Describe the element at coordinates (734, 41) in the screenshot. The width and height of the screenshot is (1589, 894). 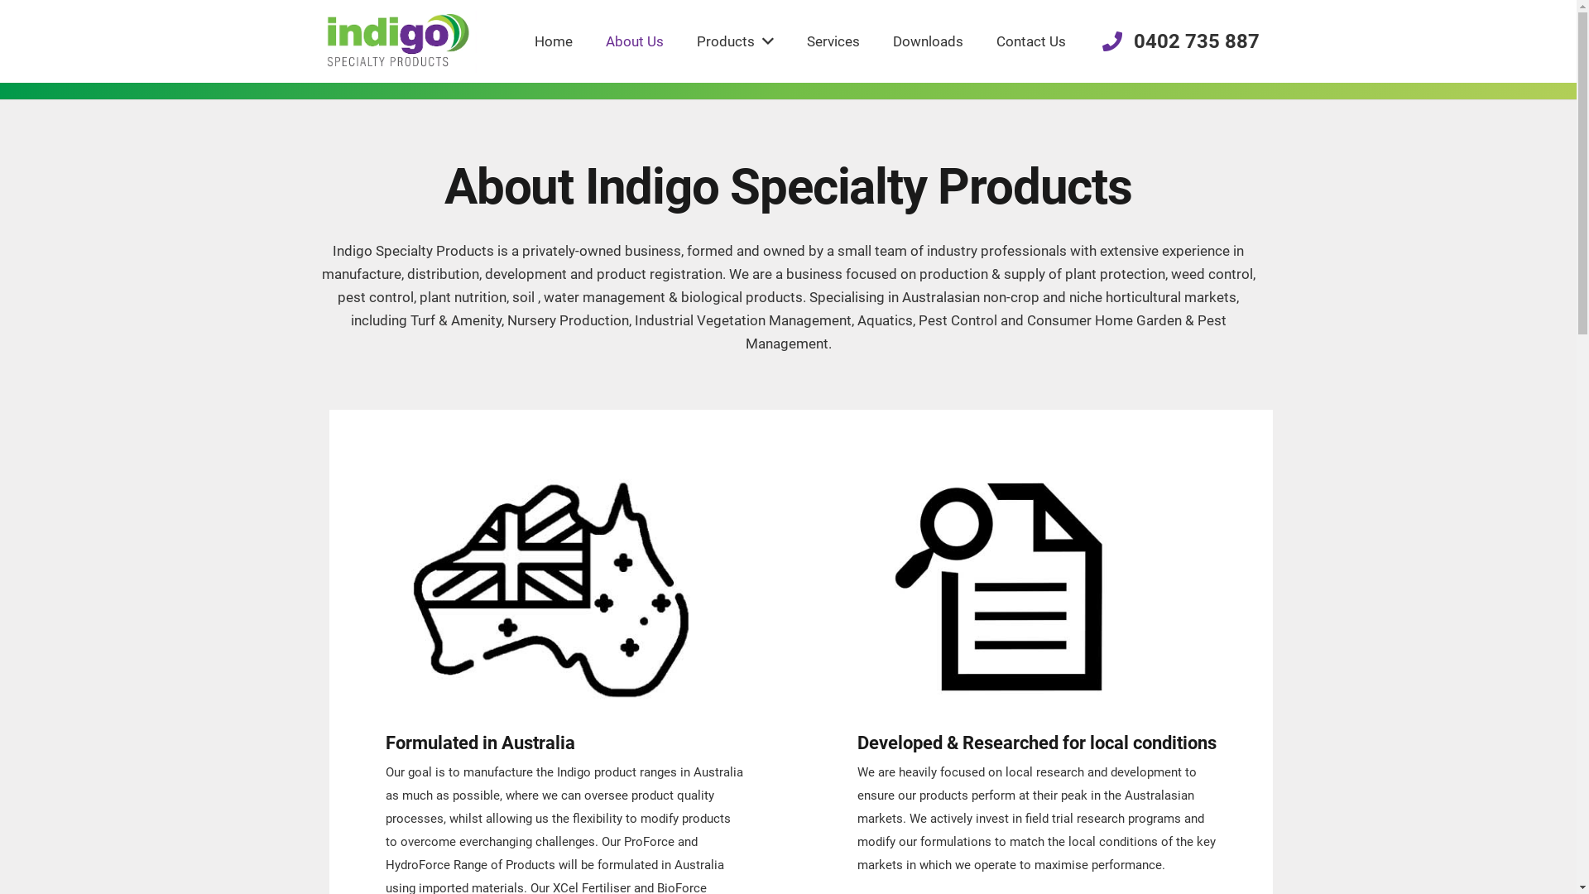
I see `'Products'` at that location.